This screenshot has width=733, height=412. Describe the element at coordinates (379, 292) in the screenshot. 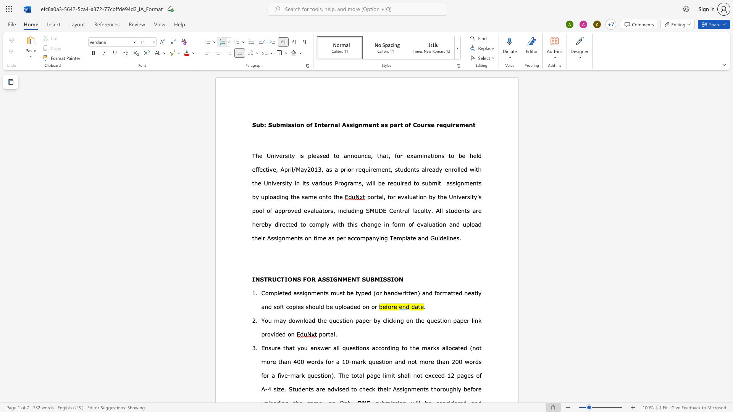

I see `the space between the continuous character "o" and "r" in the text` at that location.